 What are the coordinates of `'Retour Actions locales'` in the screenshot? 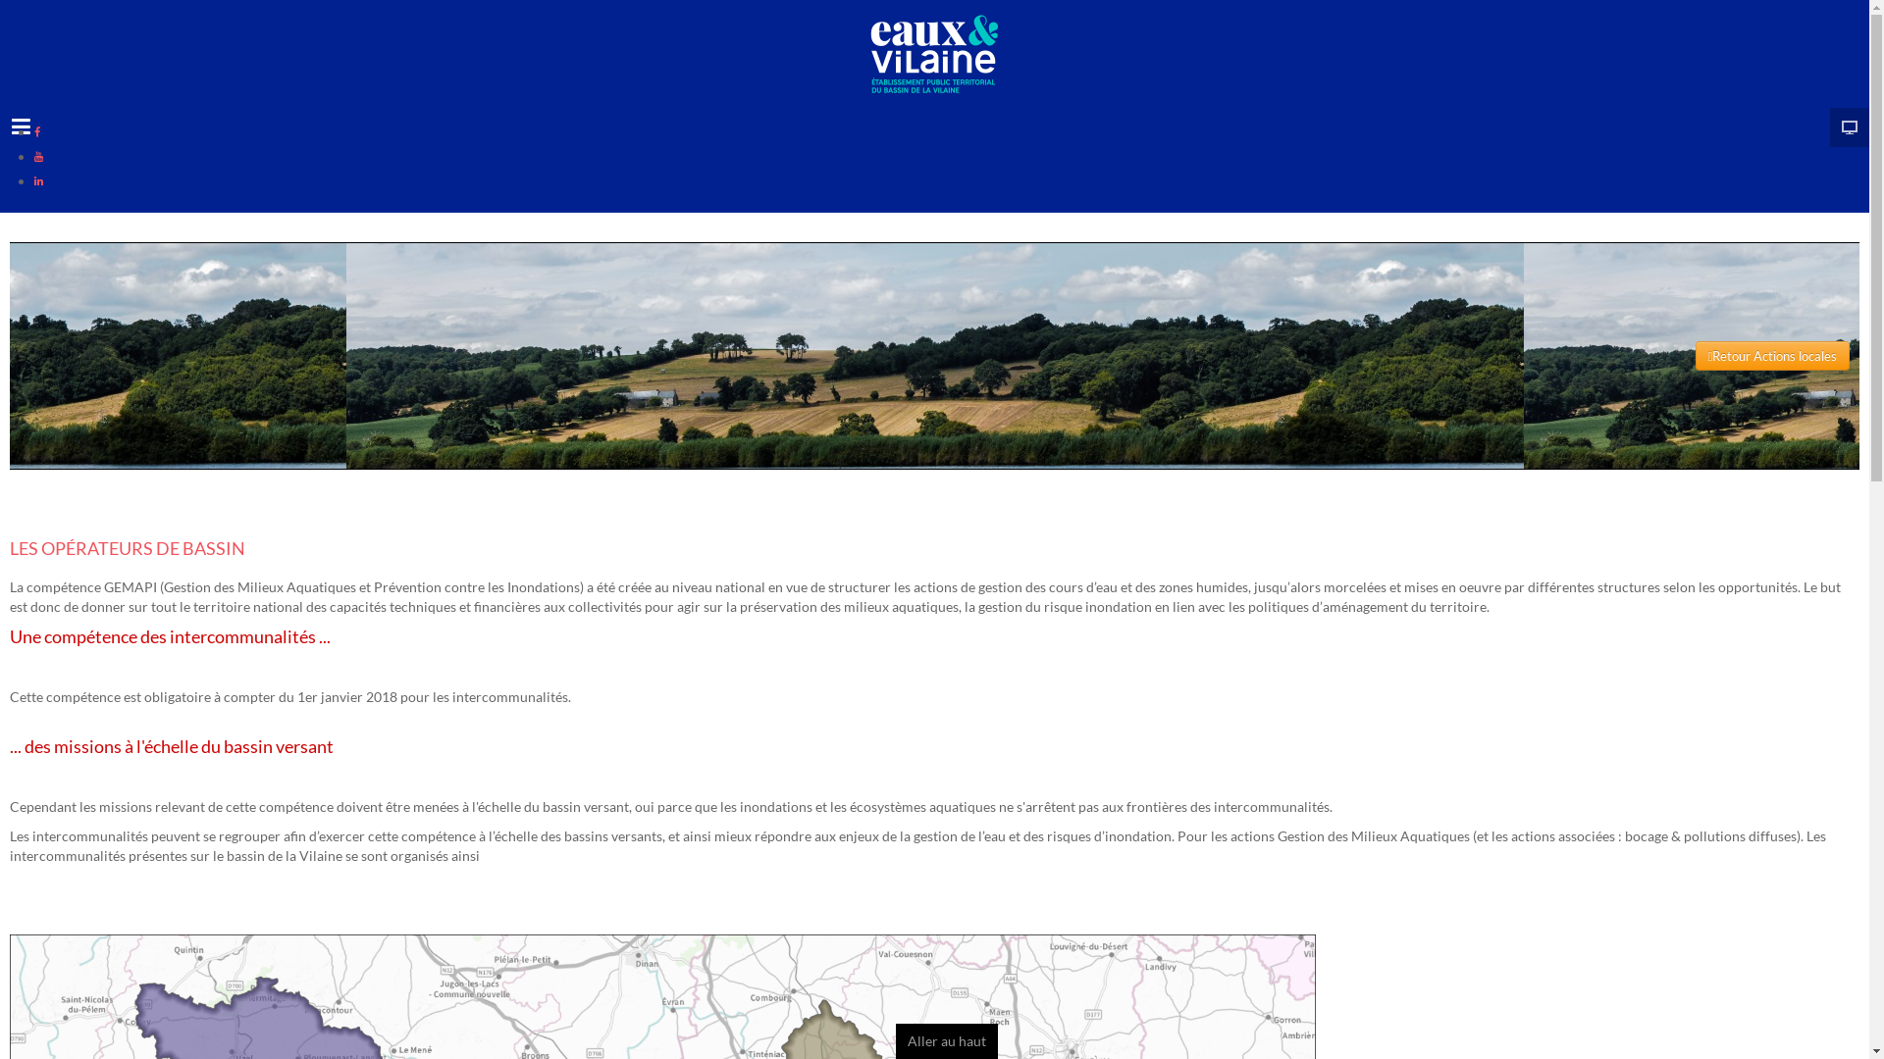 It's located at (1695, 355).